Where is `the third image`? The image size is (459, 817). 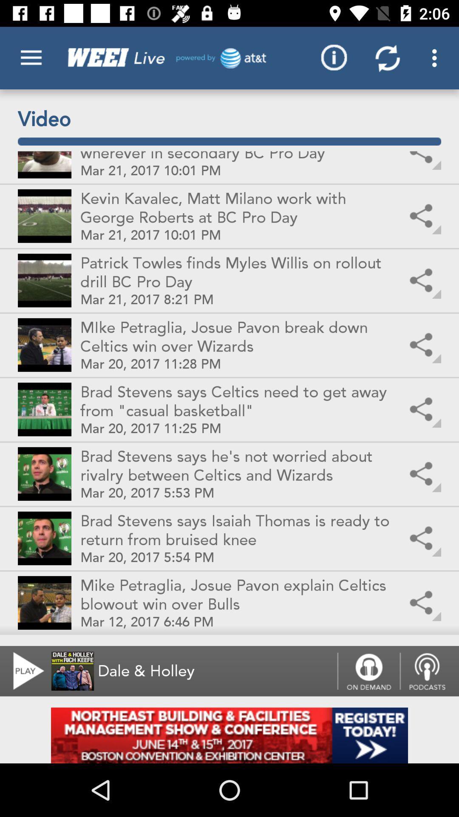 the third image is located at coordinates (44, 280).